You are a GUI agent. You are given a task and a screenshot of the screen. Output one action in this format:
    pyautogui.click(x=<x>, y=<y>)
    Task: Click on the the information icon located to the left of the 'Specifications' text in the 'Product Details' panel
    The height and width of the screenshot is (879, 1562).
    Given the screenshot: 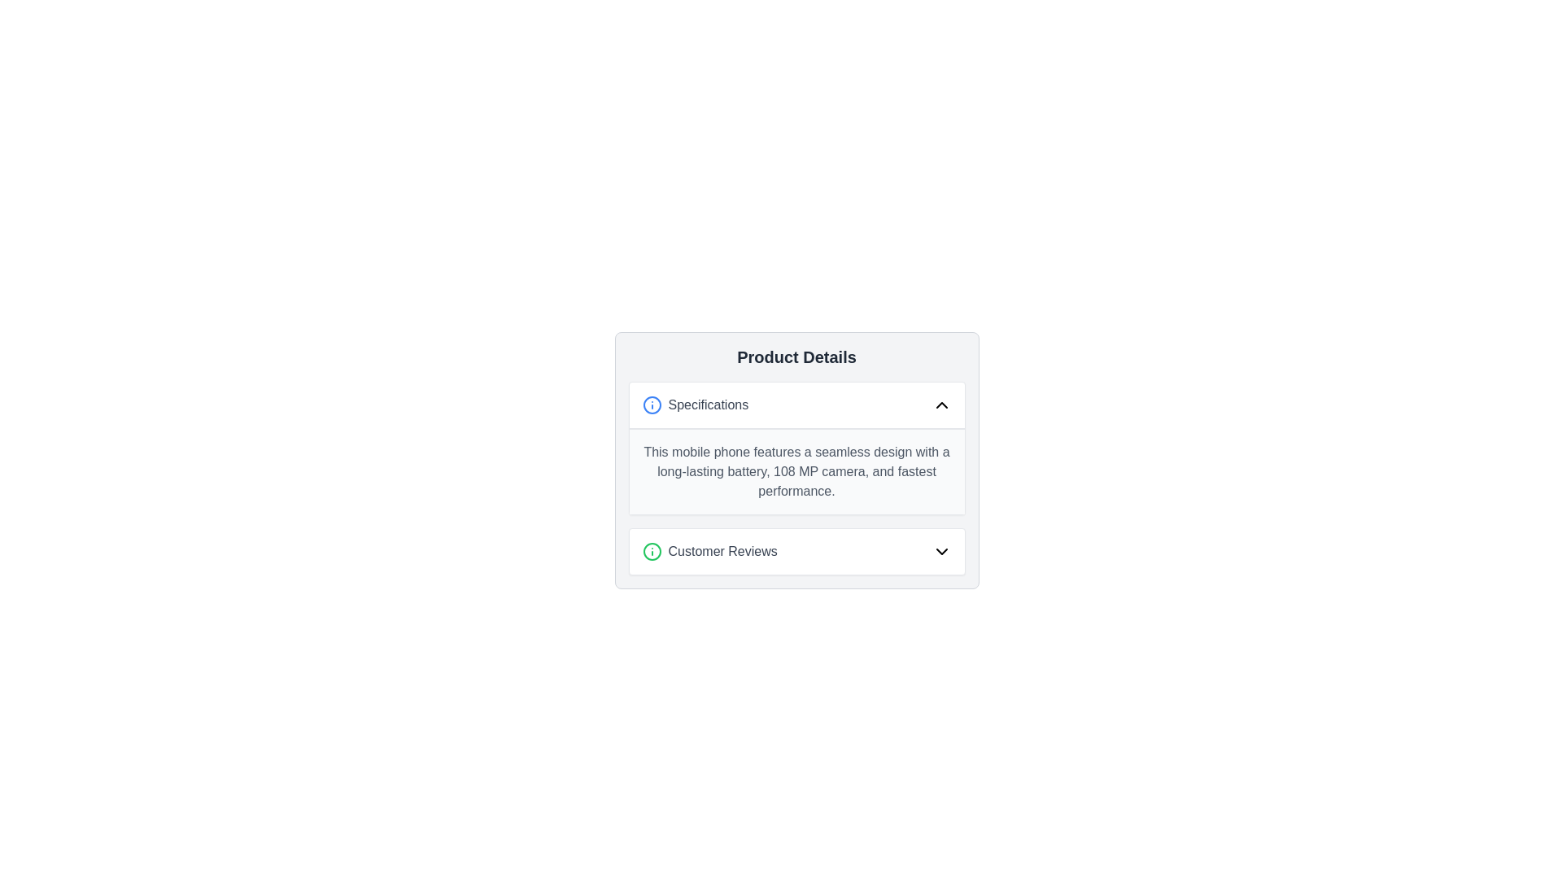 What is the action you would take?
    pyautogui.click(x=652, y=404)
    